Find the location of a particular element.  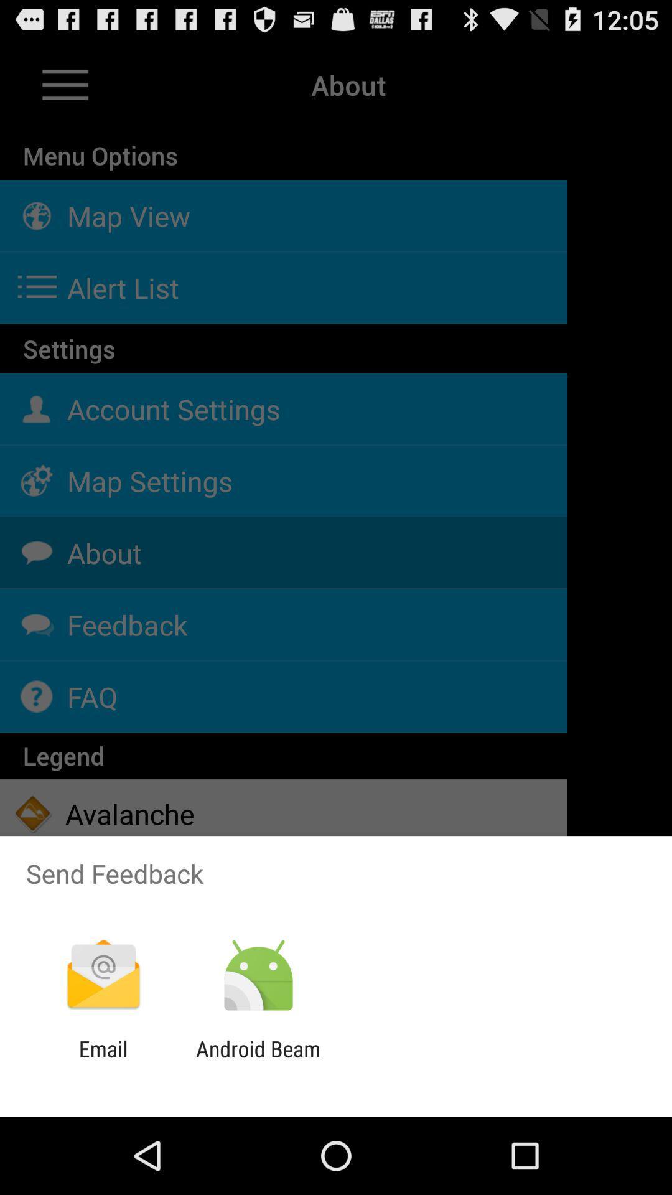

app next to email icon is located at coordinates (258, 1061).